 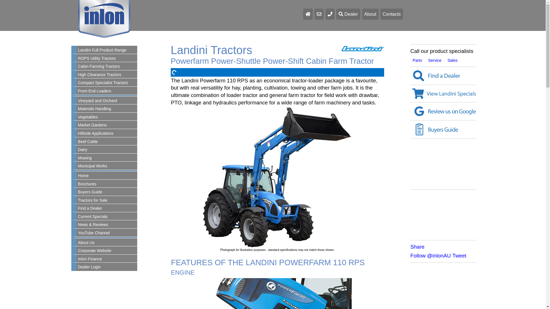 What do you see at coordinates (107, 117) in the screenshot?
I see `'Vegetables'` at bounding box center [107, 117].